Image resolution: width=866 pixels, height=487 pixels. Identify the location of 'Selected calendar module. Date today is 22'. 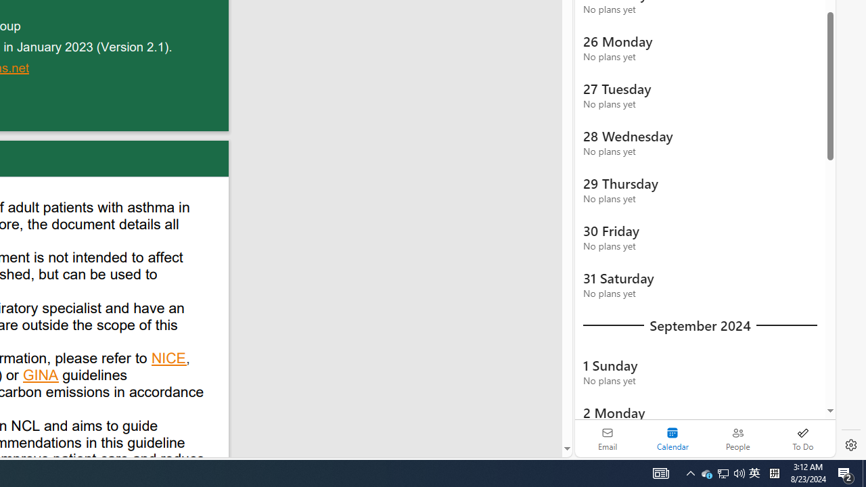
(673, 438).